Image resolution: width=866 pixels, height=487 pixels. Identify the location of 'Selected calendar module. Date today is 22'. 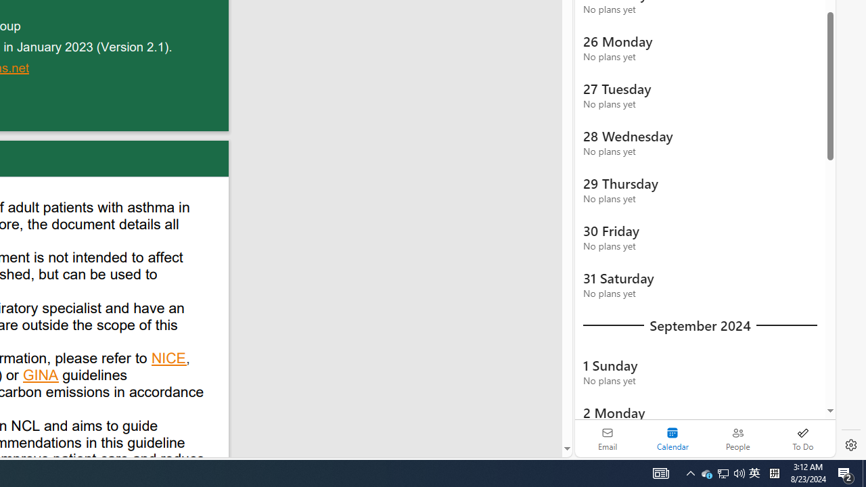
(673, 438).